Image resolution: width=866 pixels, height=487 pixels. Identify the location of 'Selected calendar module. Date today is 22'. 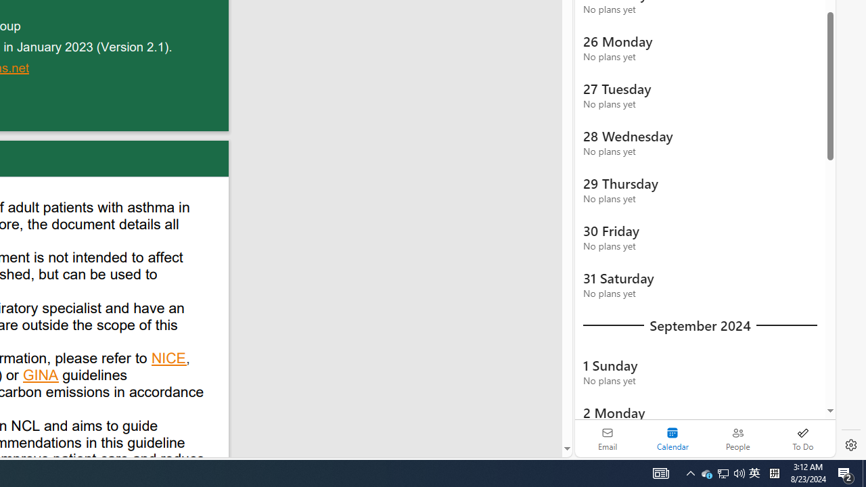
(673, 438).